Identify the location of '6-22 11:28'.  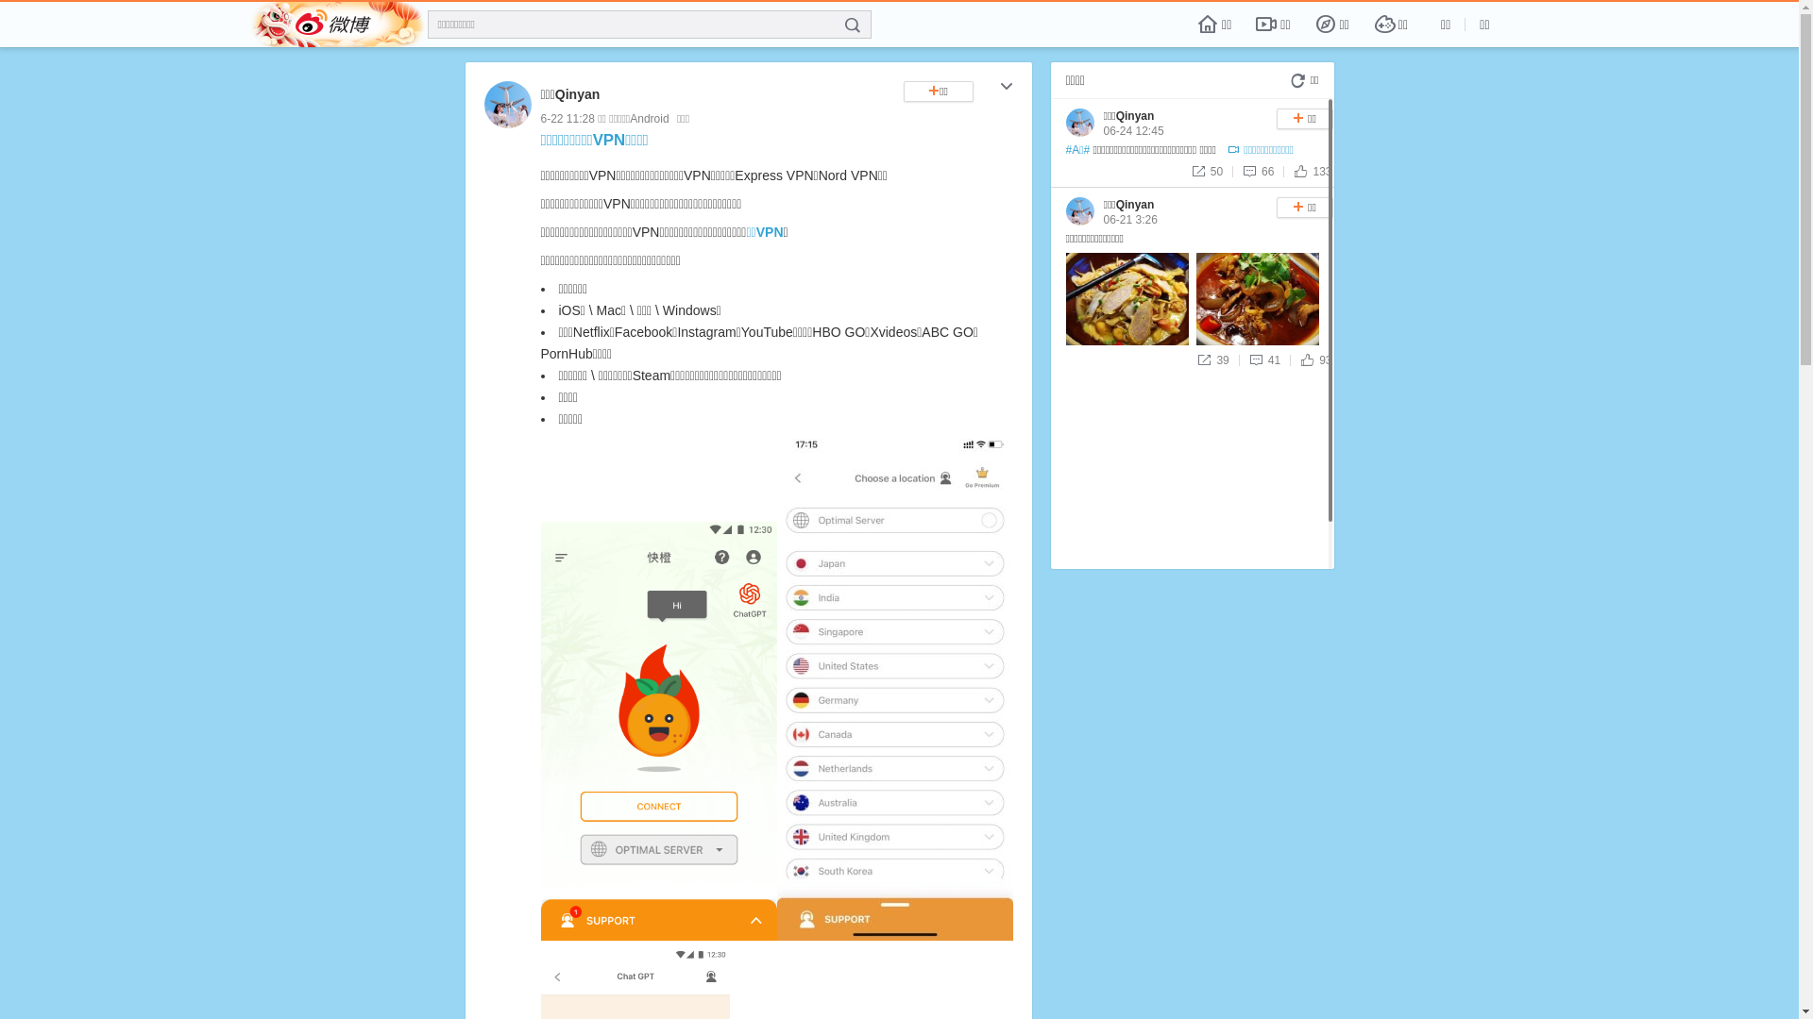
(566, 119).